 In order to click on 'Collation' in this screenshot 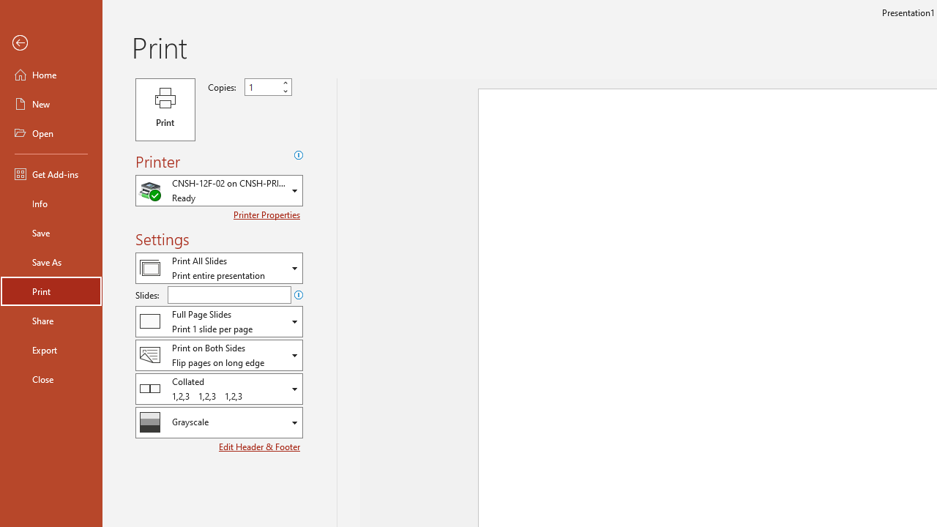, I will do `click(218, 388)`.